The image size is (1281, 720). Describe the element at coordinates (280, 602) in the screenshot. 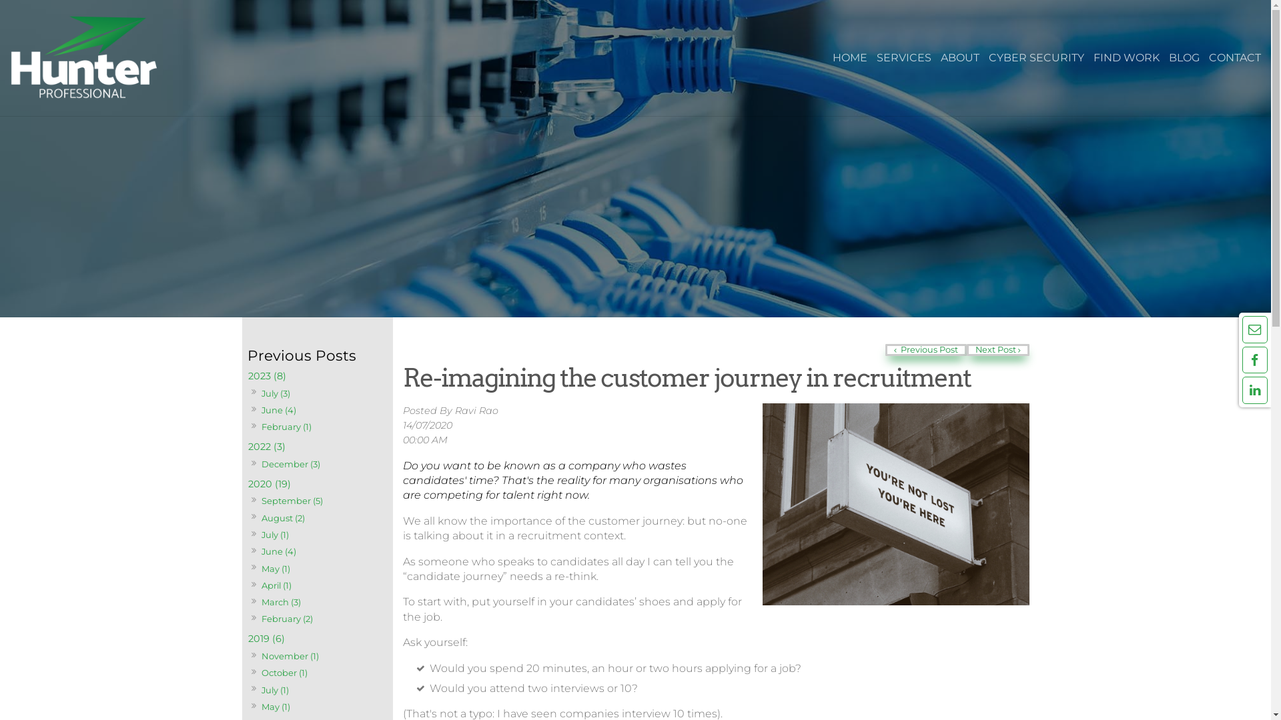

I see `'March (3)'` at that location.